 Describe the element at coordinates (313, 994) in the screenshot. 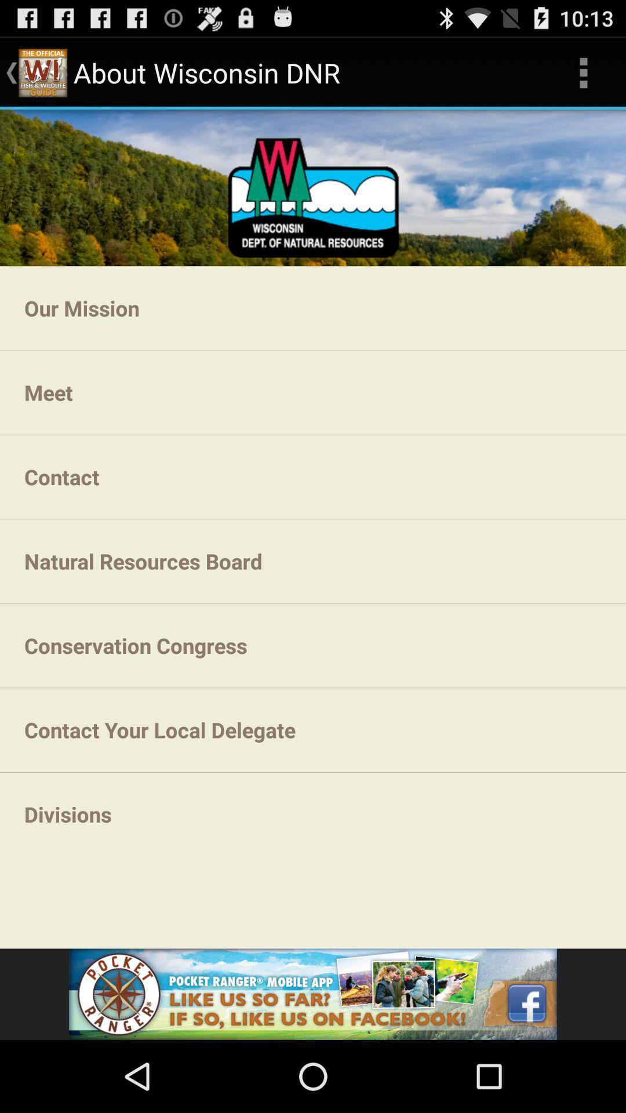

I see `open advertisement` at that location.